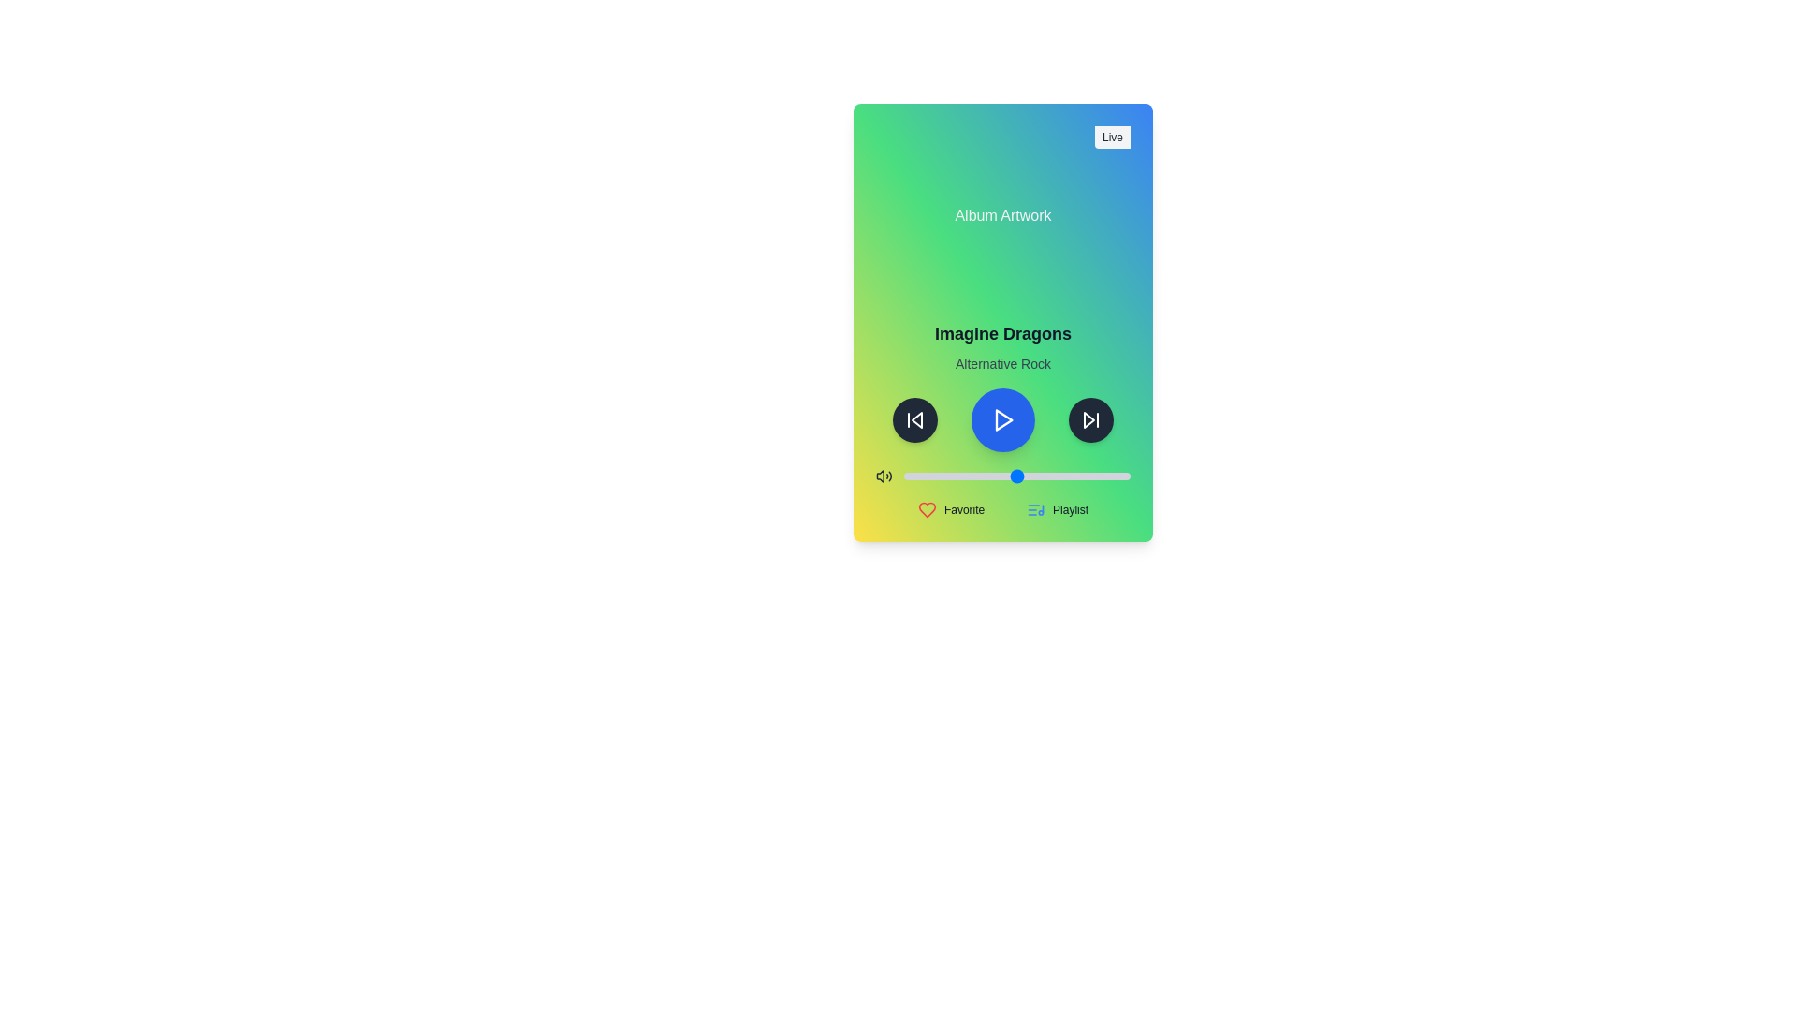 The height and width of the screenshot is (1011, 1797). Describe the element at coordinates (1035, 509) in the screenshot. I see `the blue SVG icon resembling a list and musical note, which is located to the left of the 'Playlist' label in the button layout` at that location.